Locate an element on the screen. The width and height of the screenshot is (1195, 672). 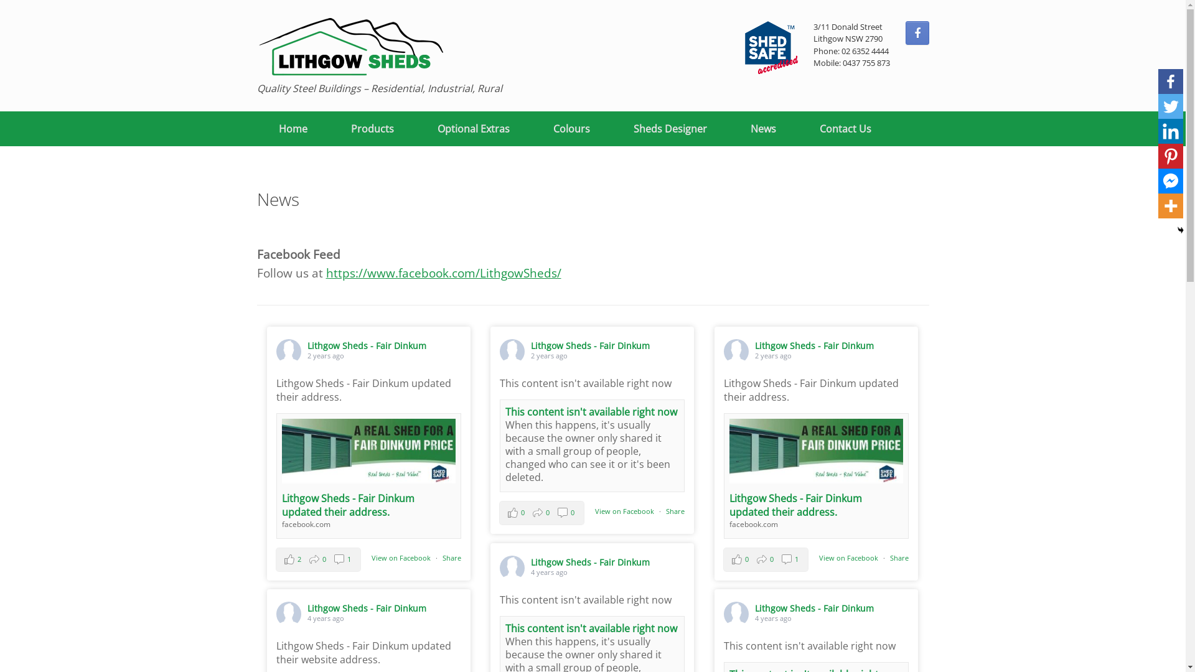
'Linkedin' is located at coordinates (1170, 131).